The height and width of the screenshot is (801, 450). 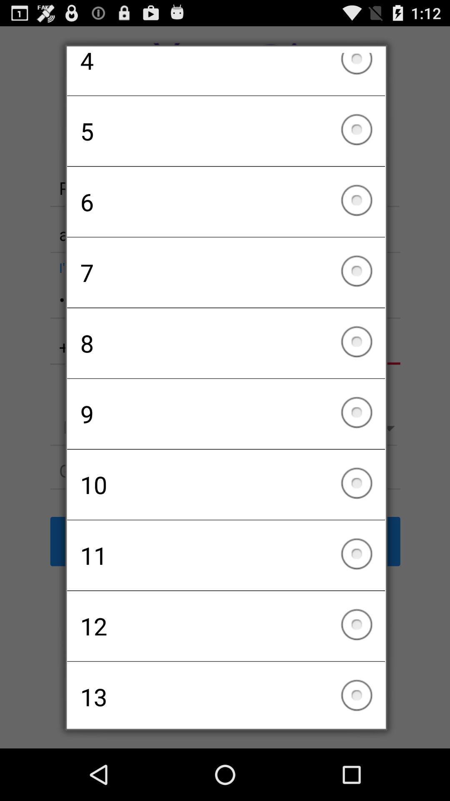 I want to click on the 4 item, so click(x=226, y=74).